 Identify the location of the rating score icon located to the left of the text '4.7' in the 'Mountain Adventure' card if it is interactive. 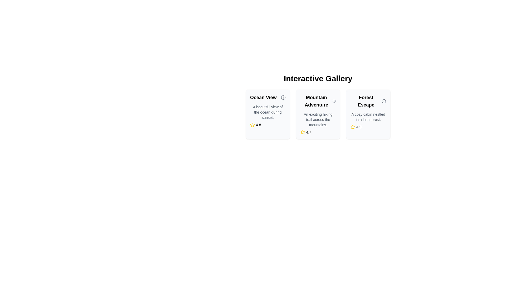
(303, 132).